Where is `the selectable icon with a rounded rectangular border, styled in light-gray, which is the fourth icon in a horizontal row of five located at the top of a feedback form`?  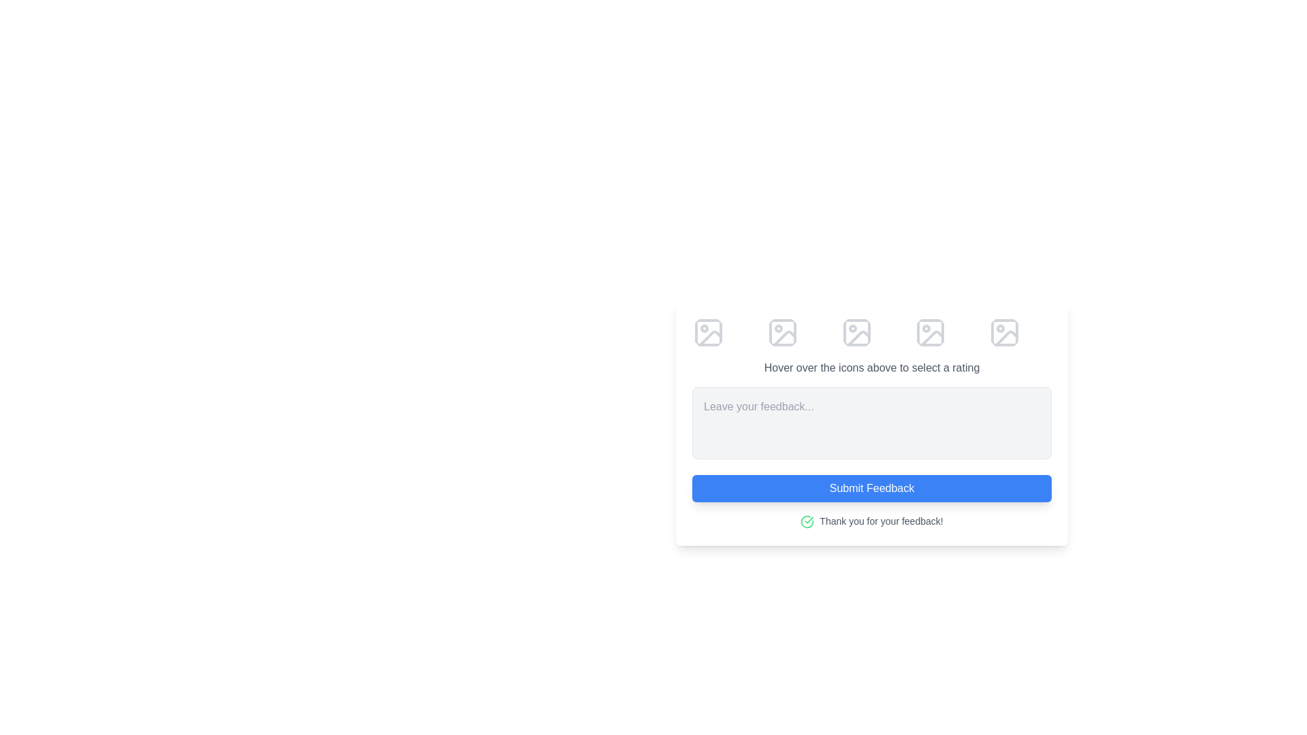 the selectable icon with a rounded rectangular border, styled in light-gray, which is the fourth icon in a horizontal row of five located at the top of a feedback form is located at coordinates (930, 333).